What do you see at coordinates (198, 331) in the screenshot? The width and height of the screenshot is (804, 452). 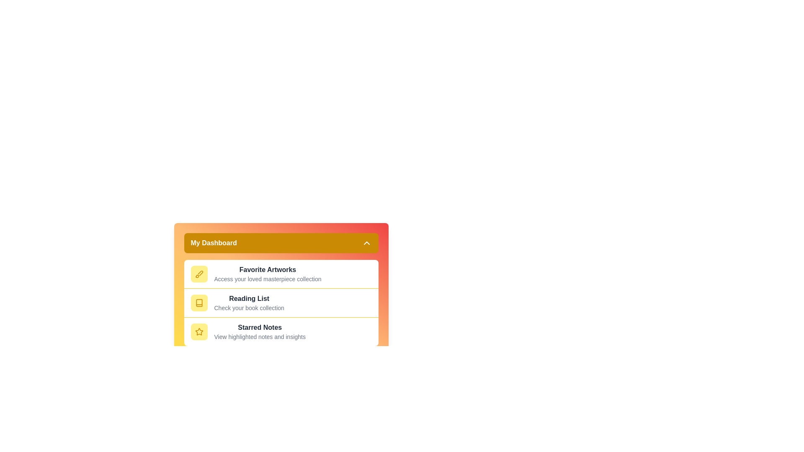 I see `the decorative star icon located at the bottom right of the 'Starred Notes' section in the dashboard, which indicates the significance of favorited notes` at bounding box center [198, 331].